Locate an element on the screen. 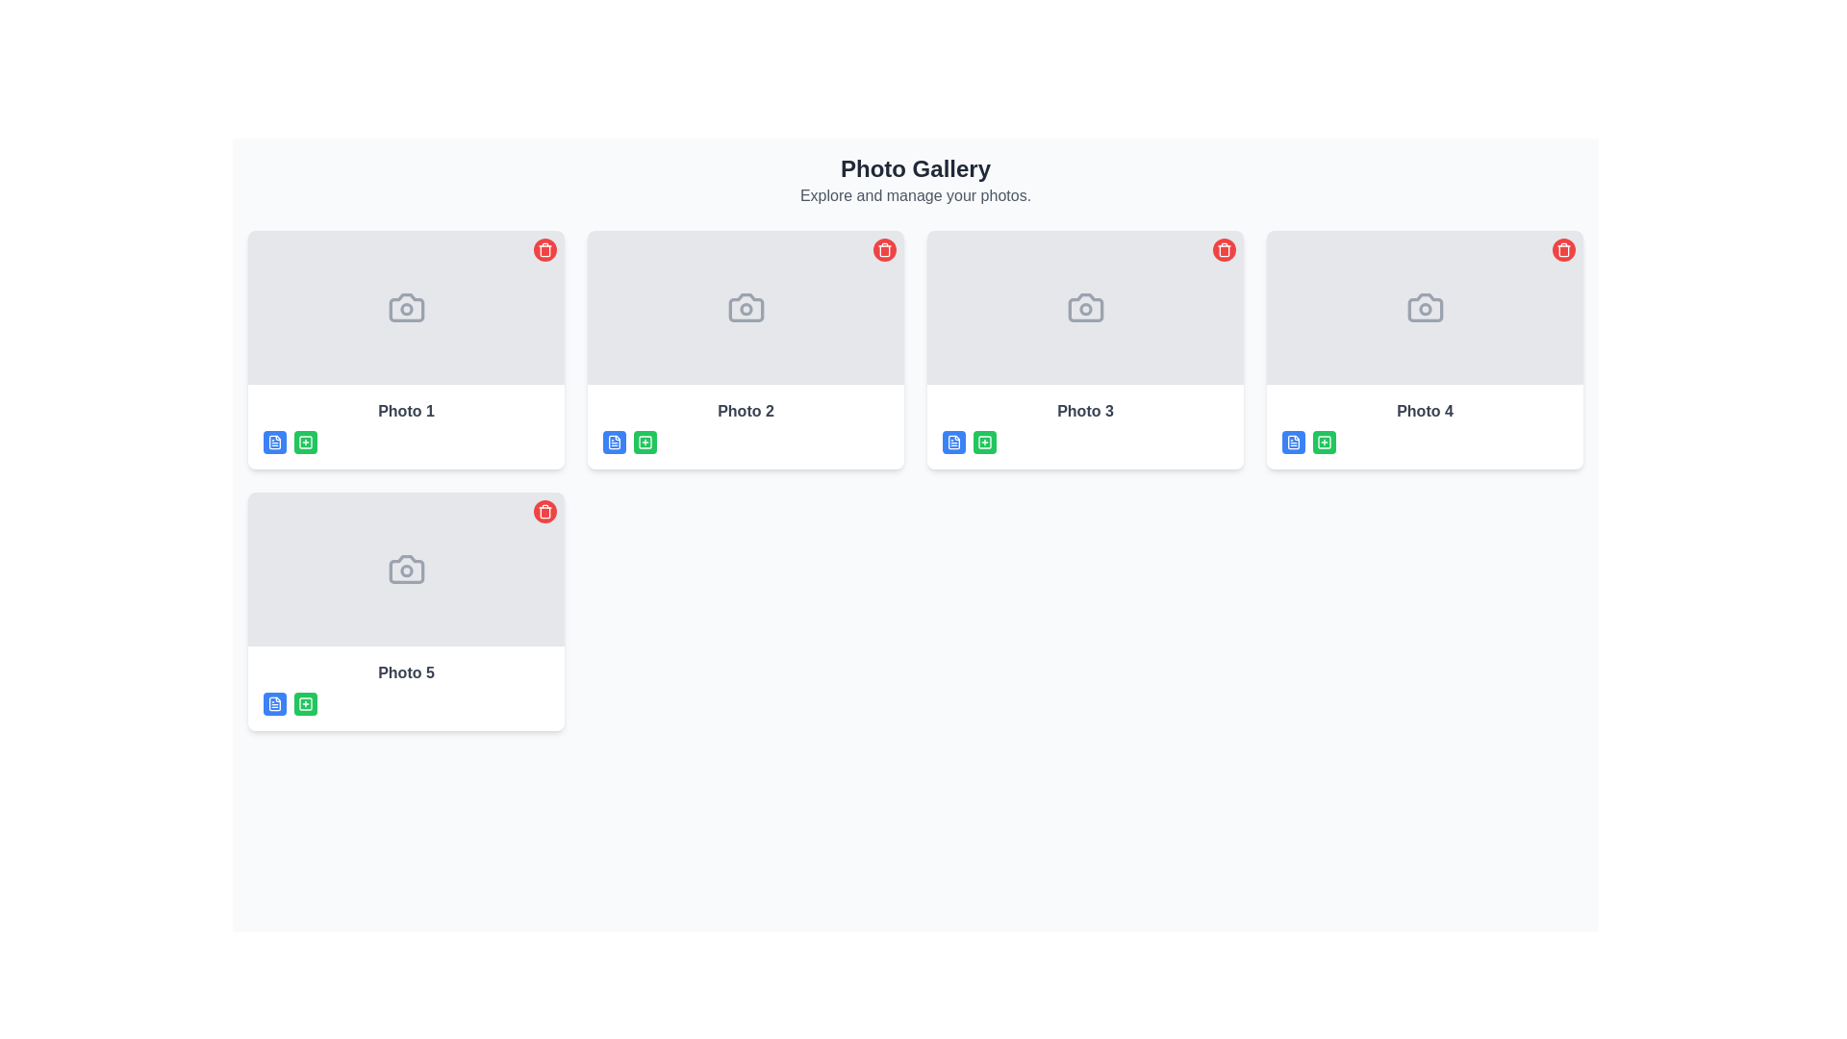  the small square icon with a green background and a white plus symbol located below the 'Photo 3' label to trigger a tooltip or visual feedback is located at coordinates (984, 442).